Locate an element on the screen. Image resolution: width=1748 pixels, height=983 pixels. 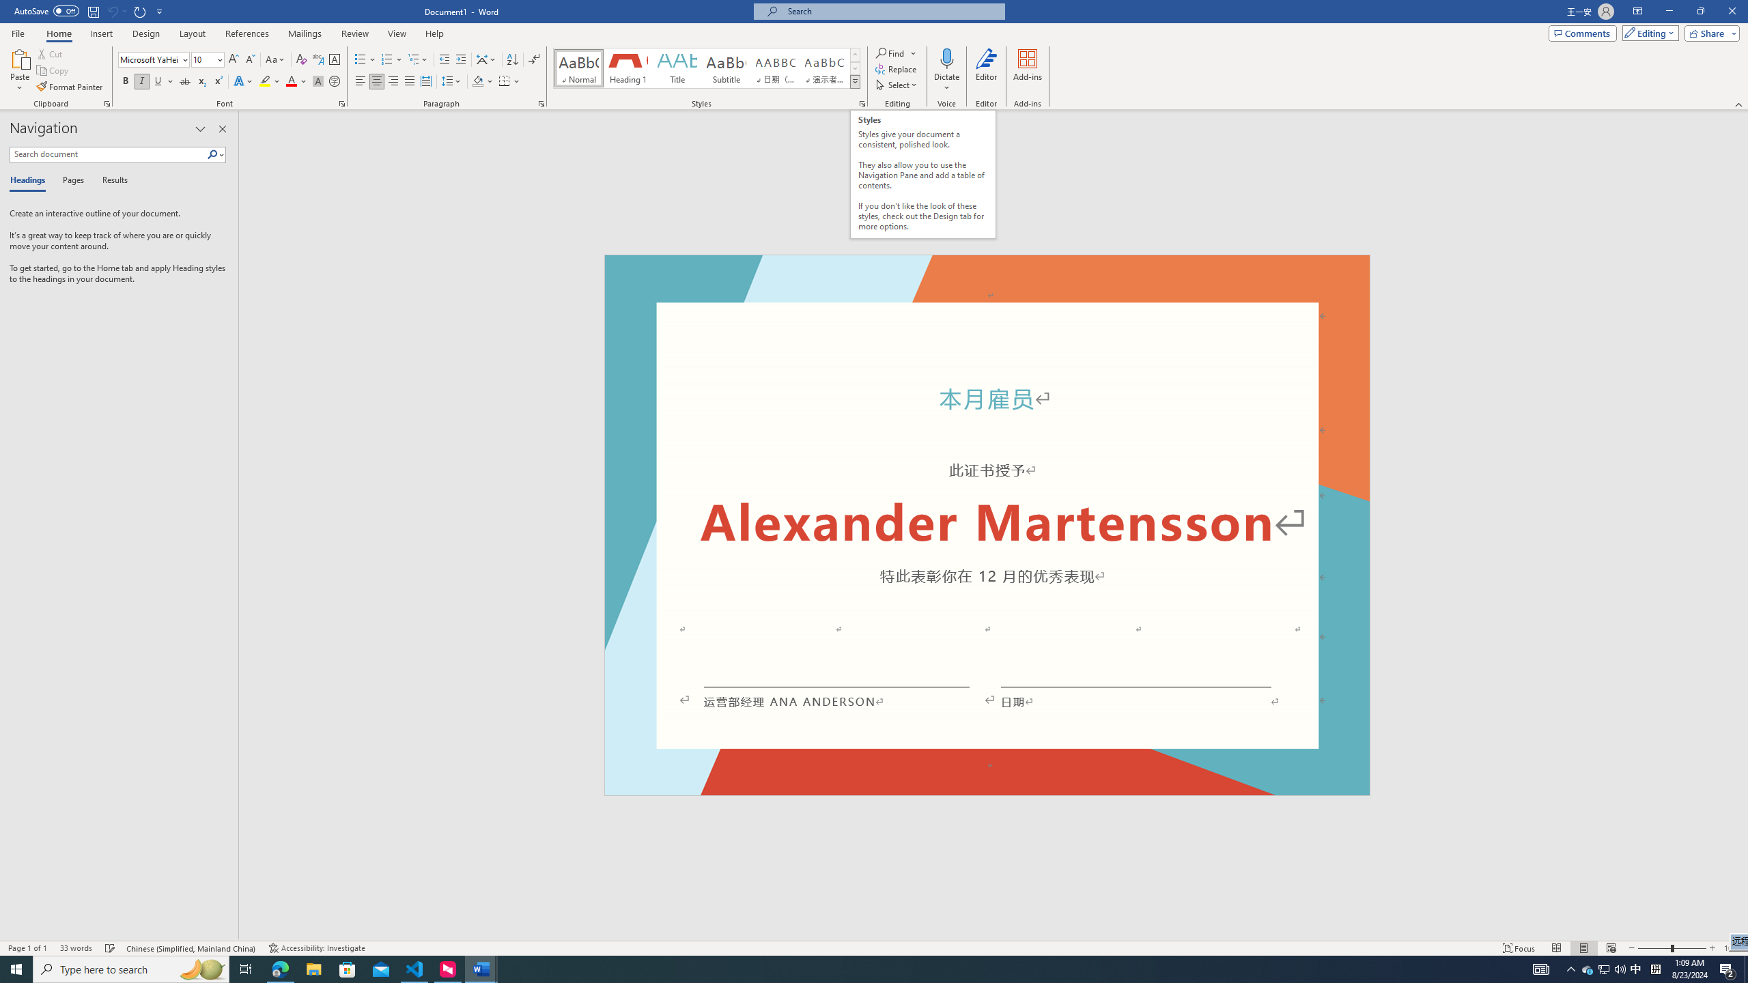
'Copy' is located at coordinates (53, 70).